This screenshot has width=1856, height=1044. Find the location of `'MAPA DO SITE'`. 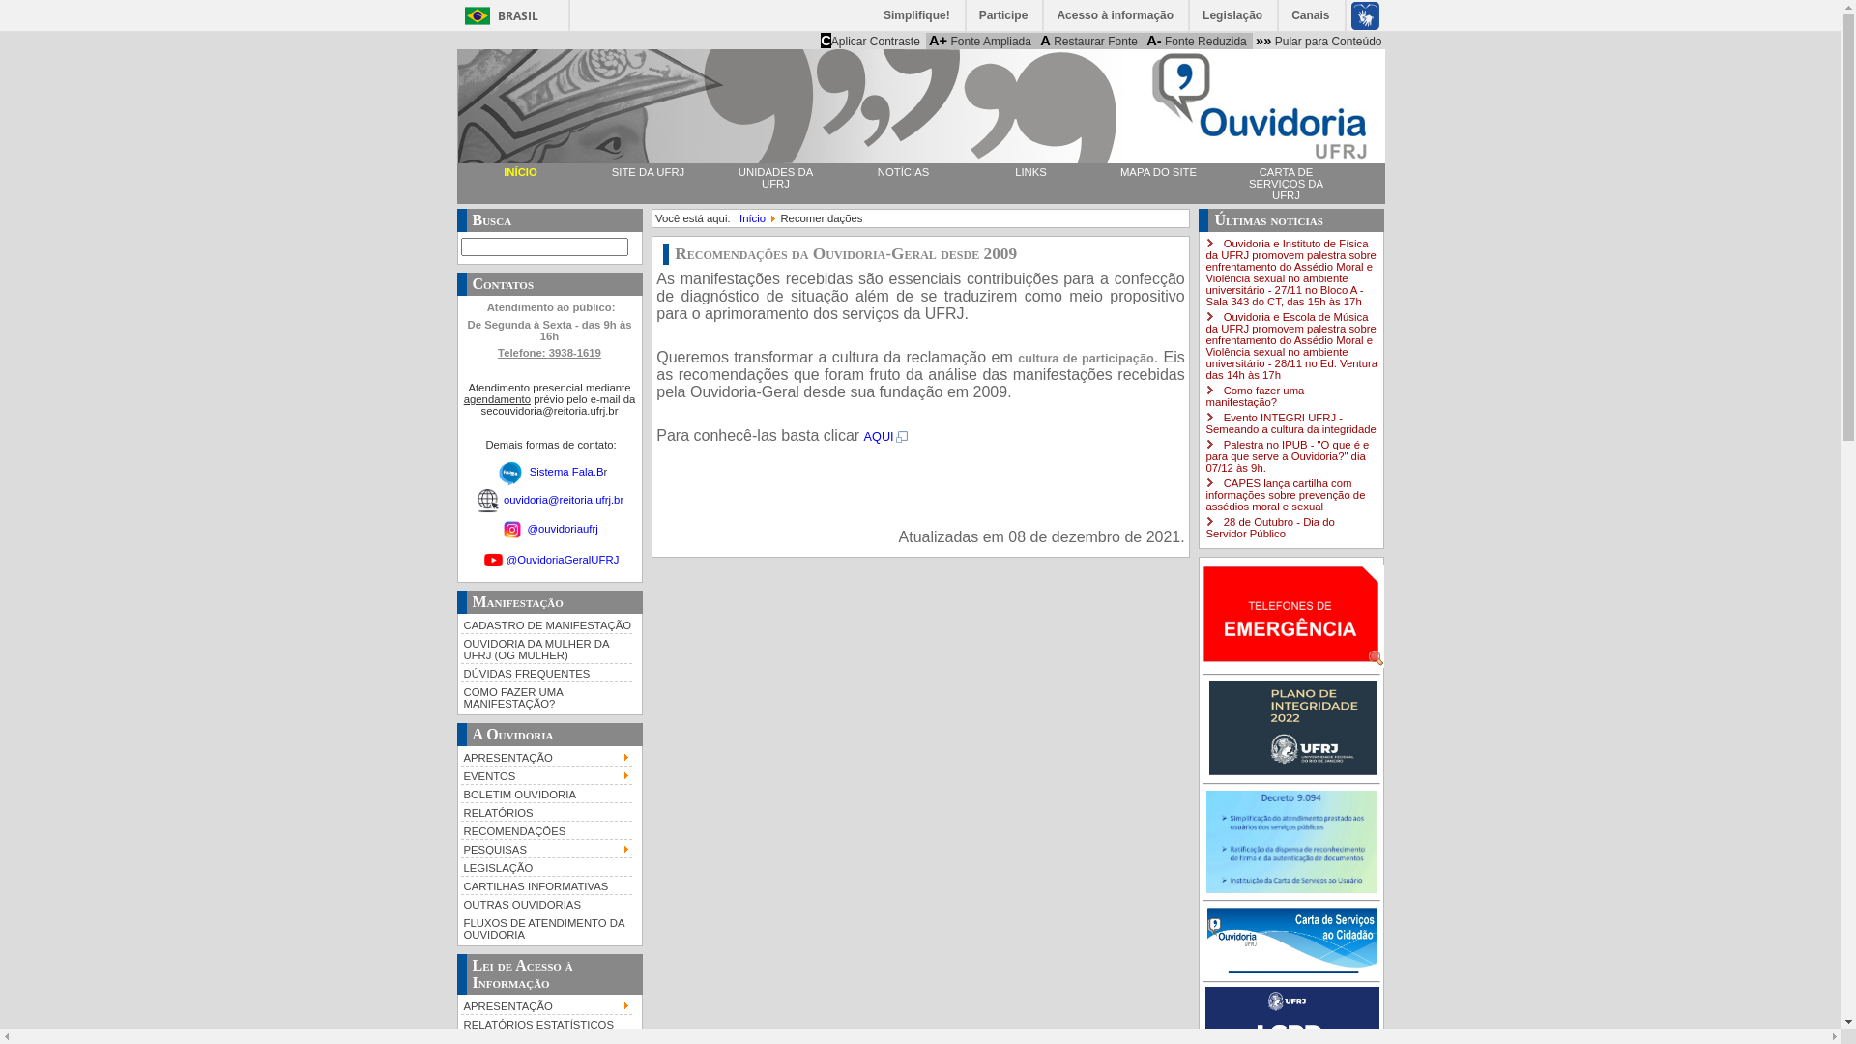

'MAPA DO SITE' is located at coordinates (1158, 170).